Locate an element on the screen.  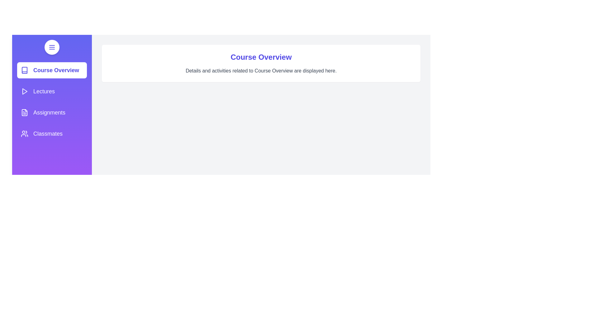
the menu section labeled Course Overview is located at coordinates (52, 70).